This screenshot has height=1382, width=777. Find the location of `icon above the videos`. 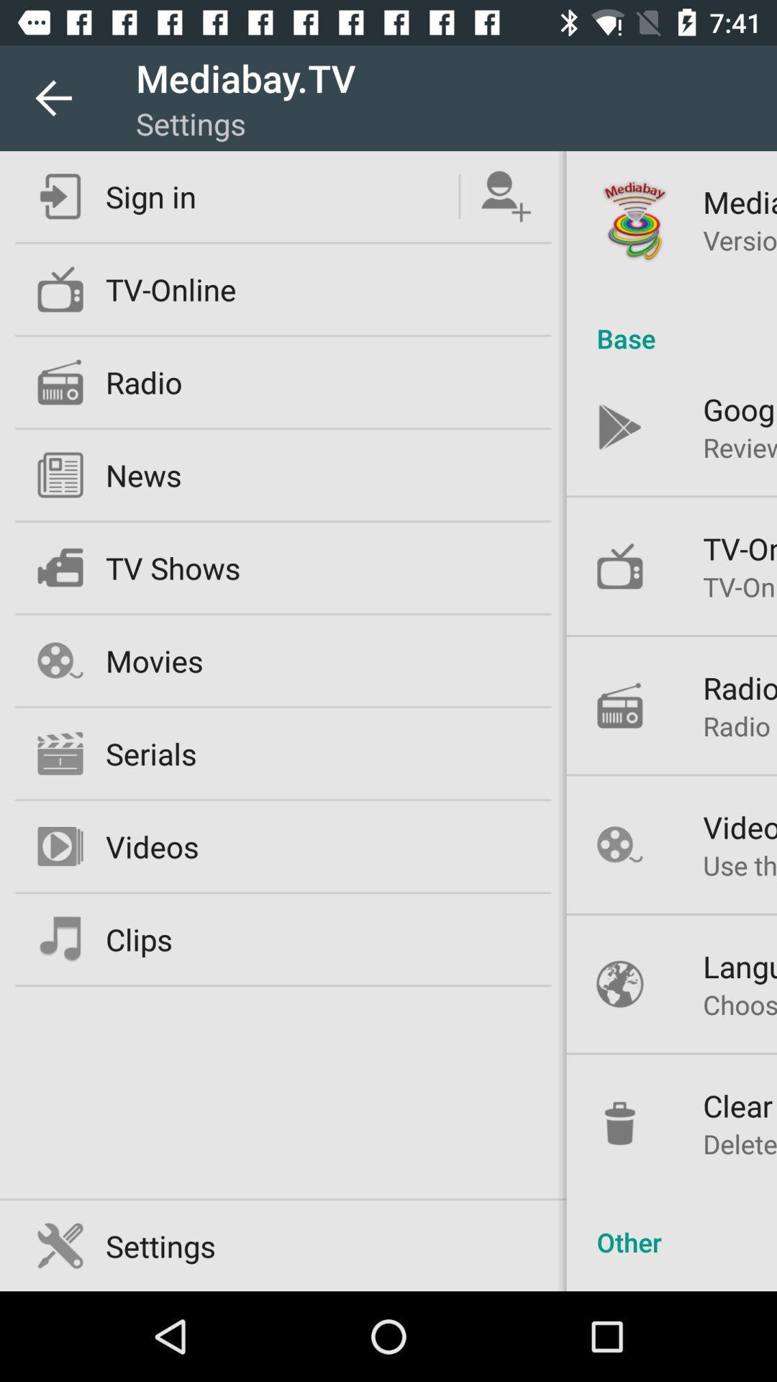

icon above the videos is located at coordinates (740, 726).